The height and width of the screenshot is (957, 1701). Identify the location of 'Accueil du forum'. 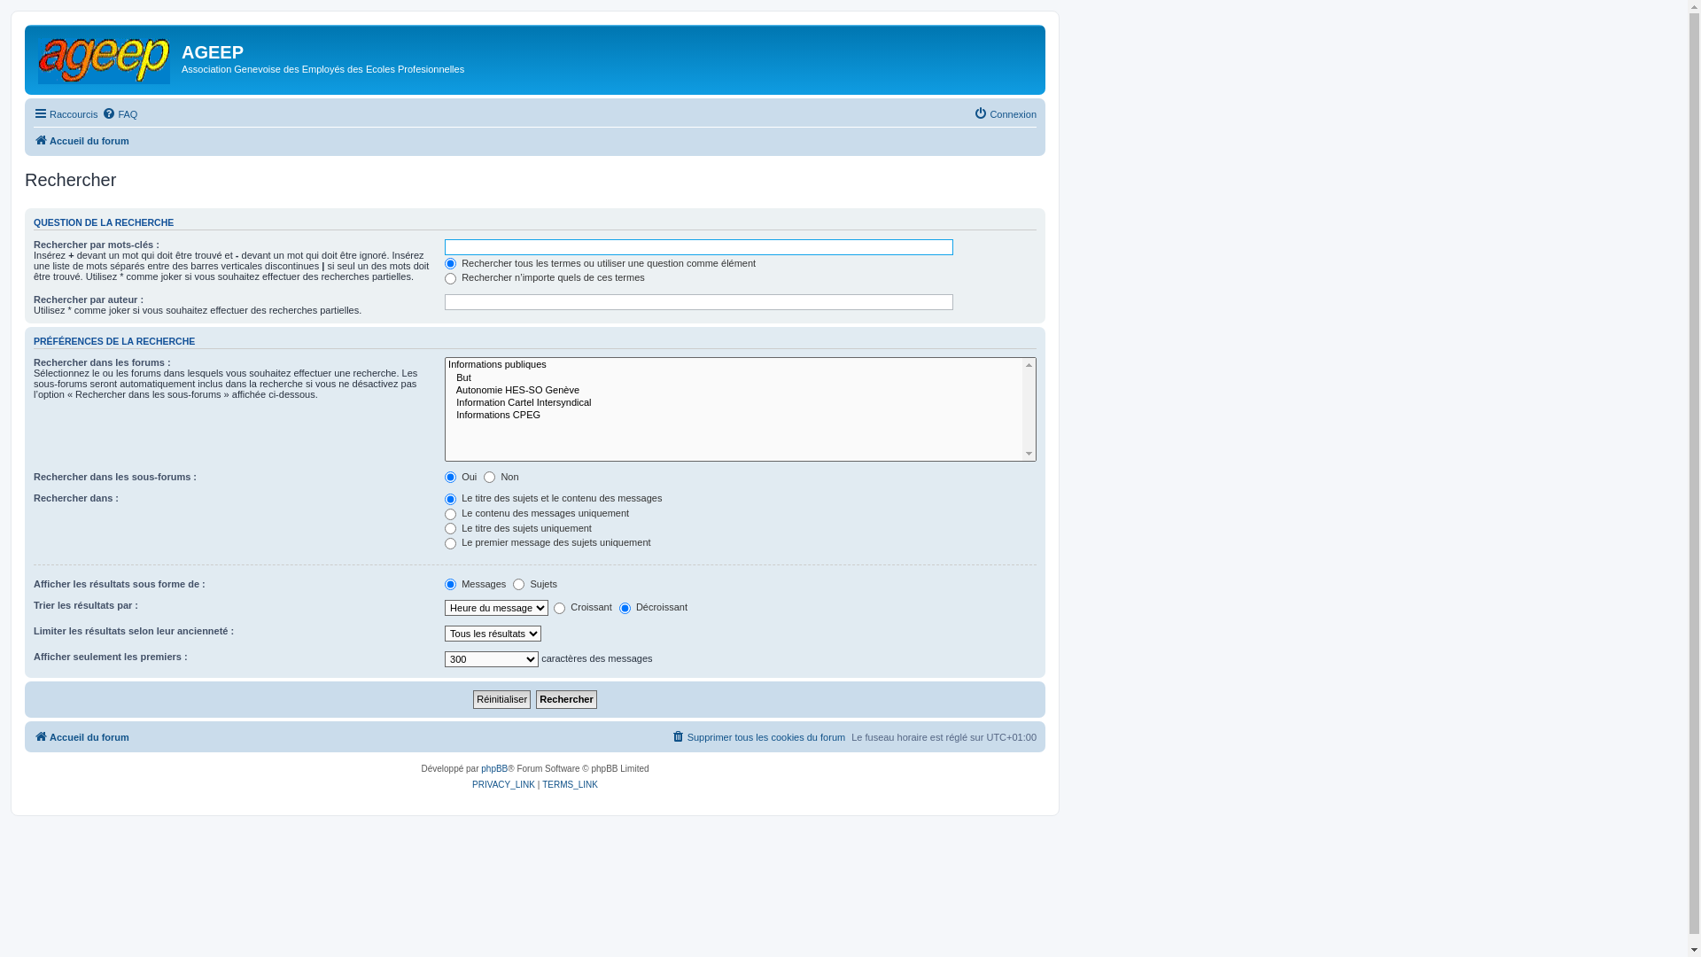
(29, 57).